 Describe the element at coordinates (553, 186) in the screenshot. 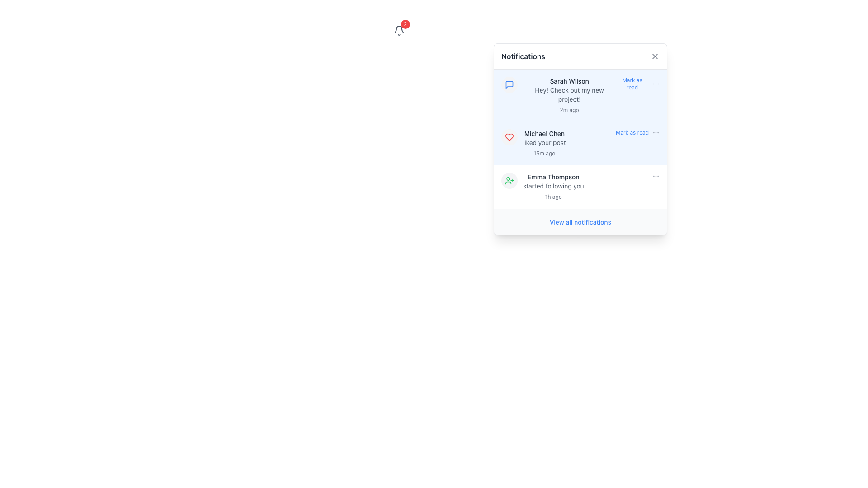

I see `the text label notifying that 'Emma Thompson' has recently started following the user` at that location.